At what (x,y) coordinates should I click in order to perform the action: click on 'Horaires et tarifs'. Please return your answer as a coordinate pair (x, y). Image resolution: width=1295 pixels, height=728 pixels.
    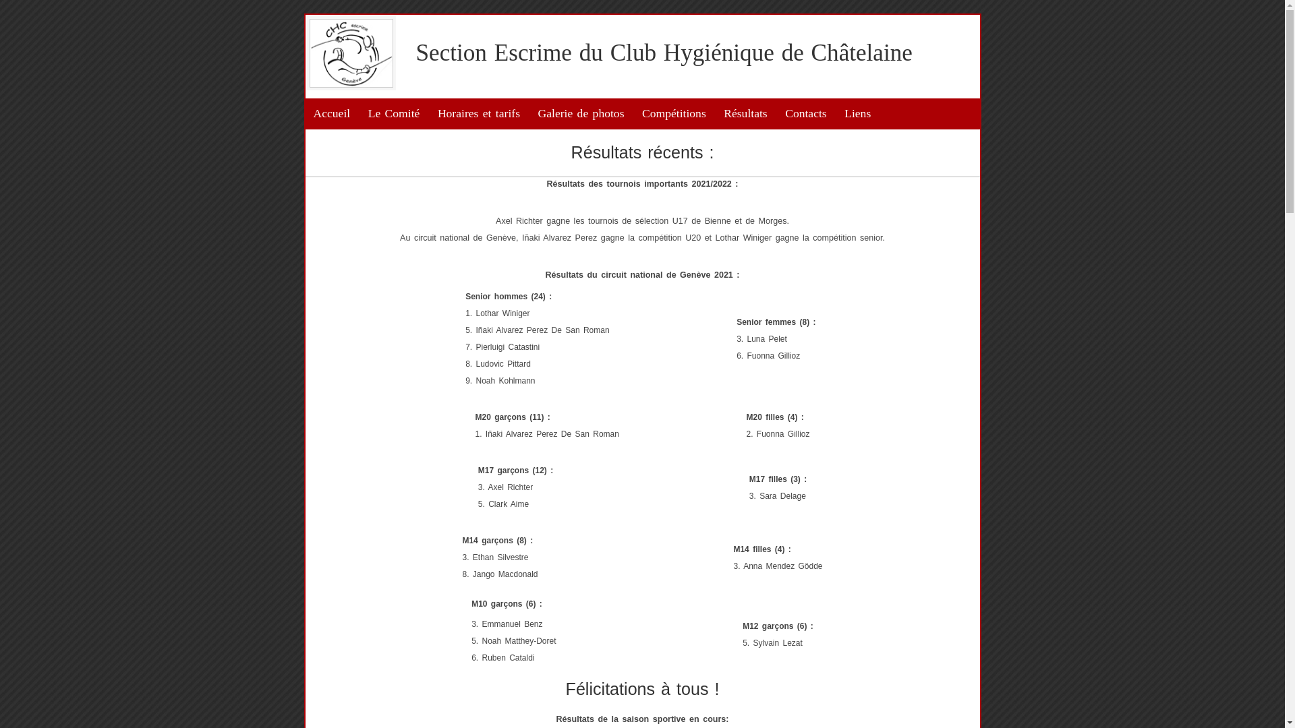
    Looking at the image, I should click on (479, 113).